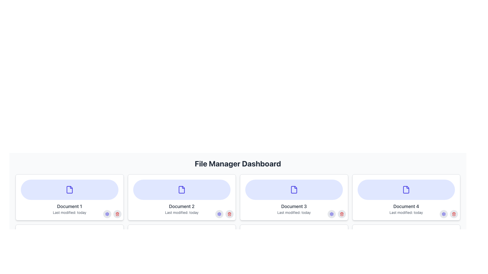 The height and width of the screenshot is (274, 488). Describe the element at coordinates (454, 214) in the screenshot. I see `the delete Icon Button located at the bottom-right corner of the fourth document card` at that location.